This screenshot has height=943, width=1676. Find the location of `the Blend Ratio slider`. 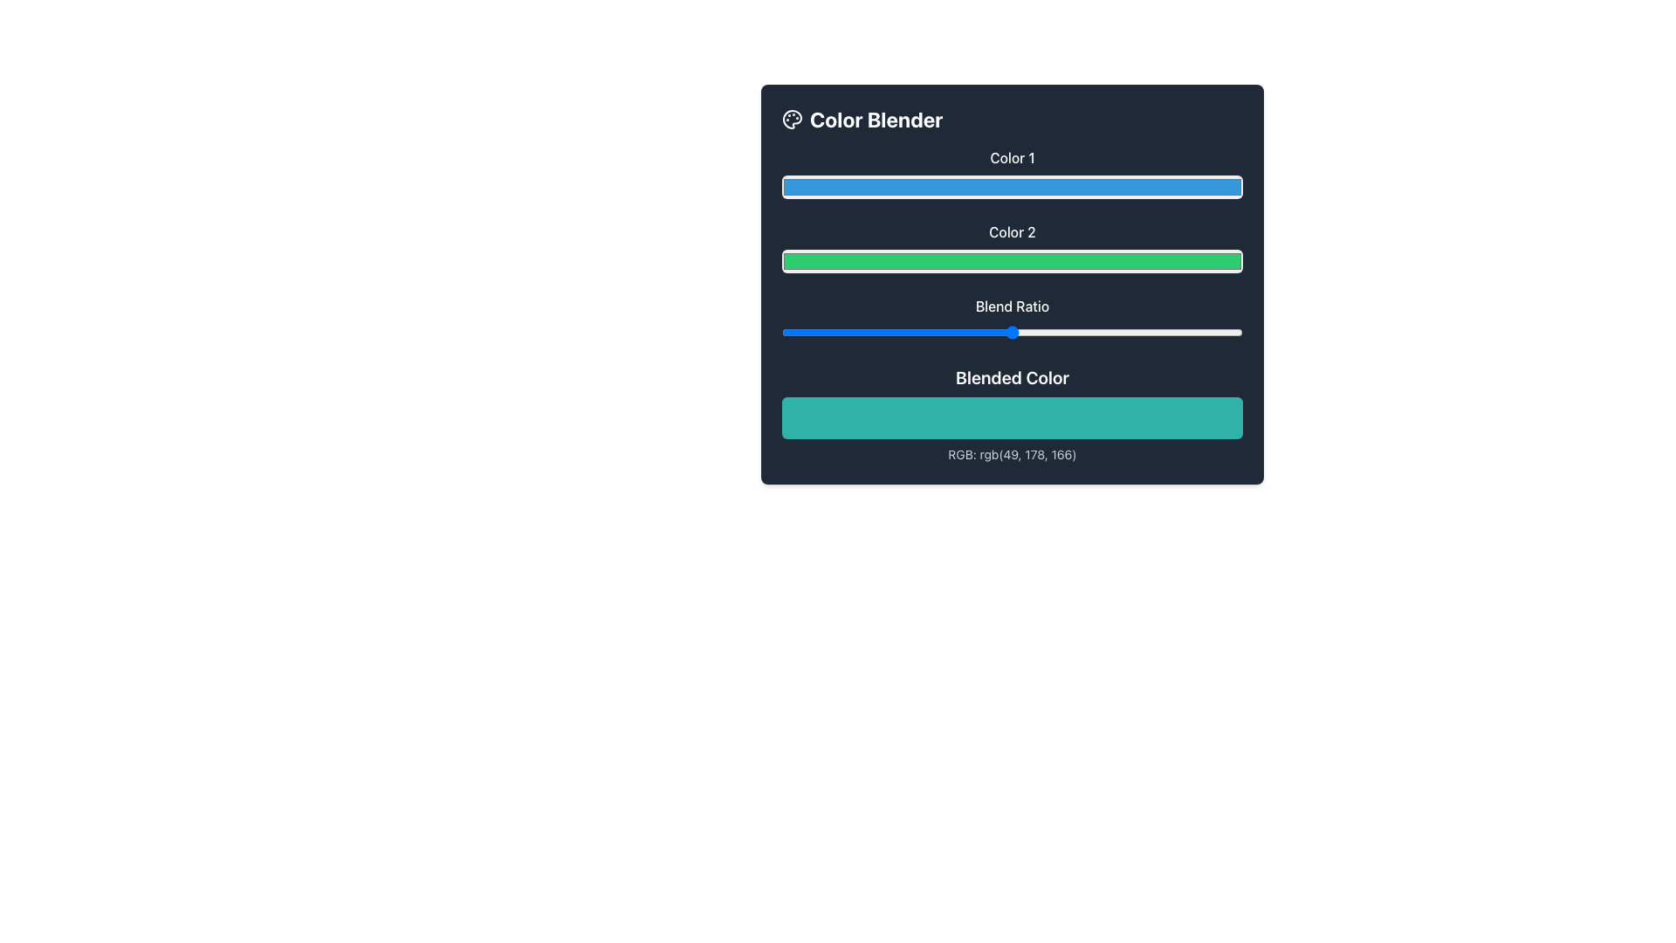

the Blend Ratio slider is located at coordinates (808, 333).